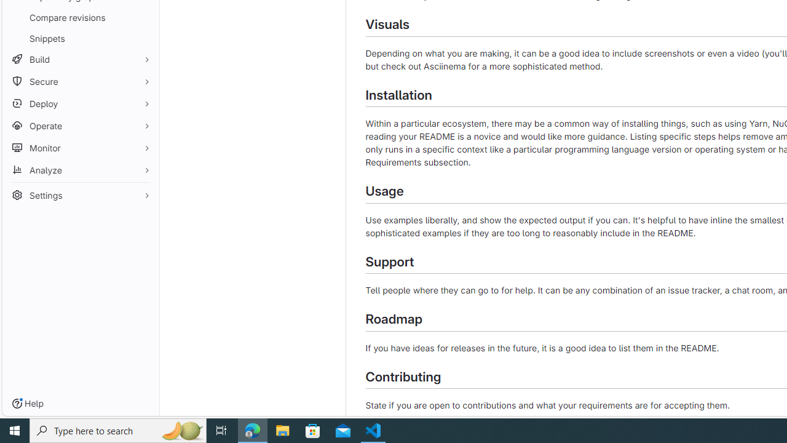  What do you see at coordinates (80, 81) in the screenshot?
I see `'Secure'` at bounding box center [80, 81].